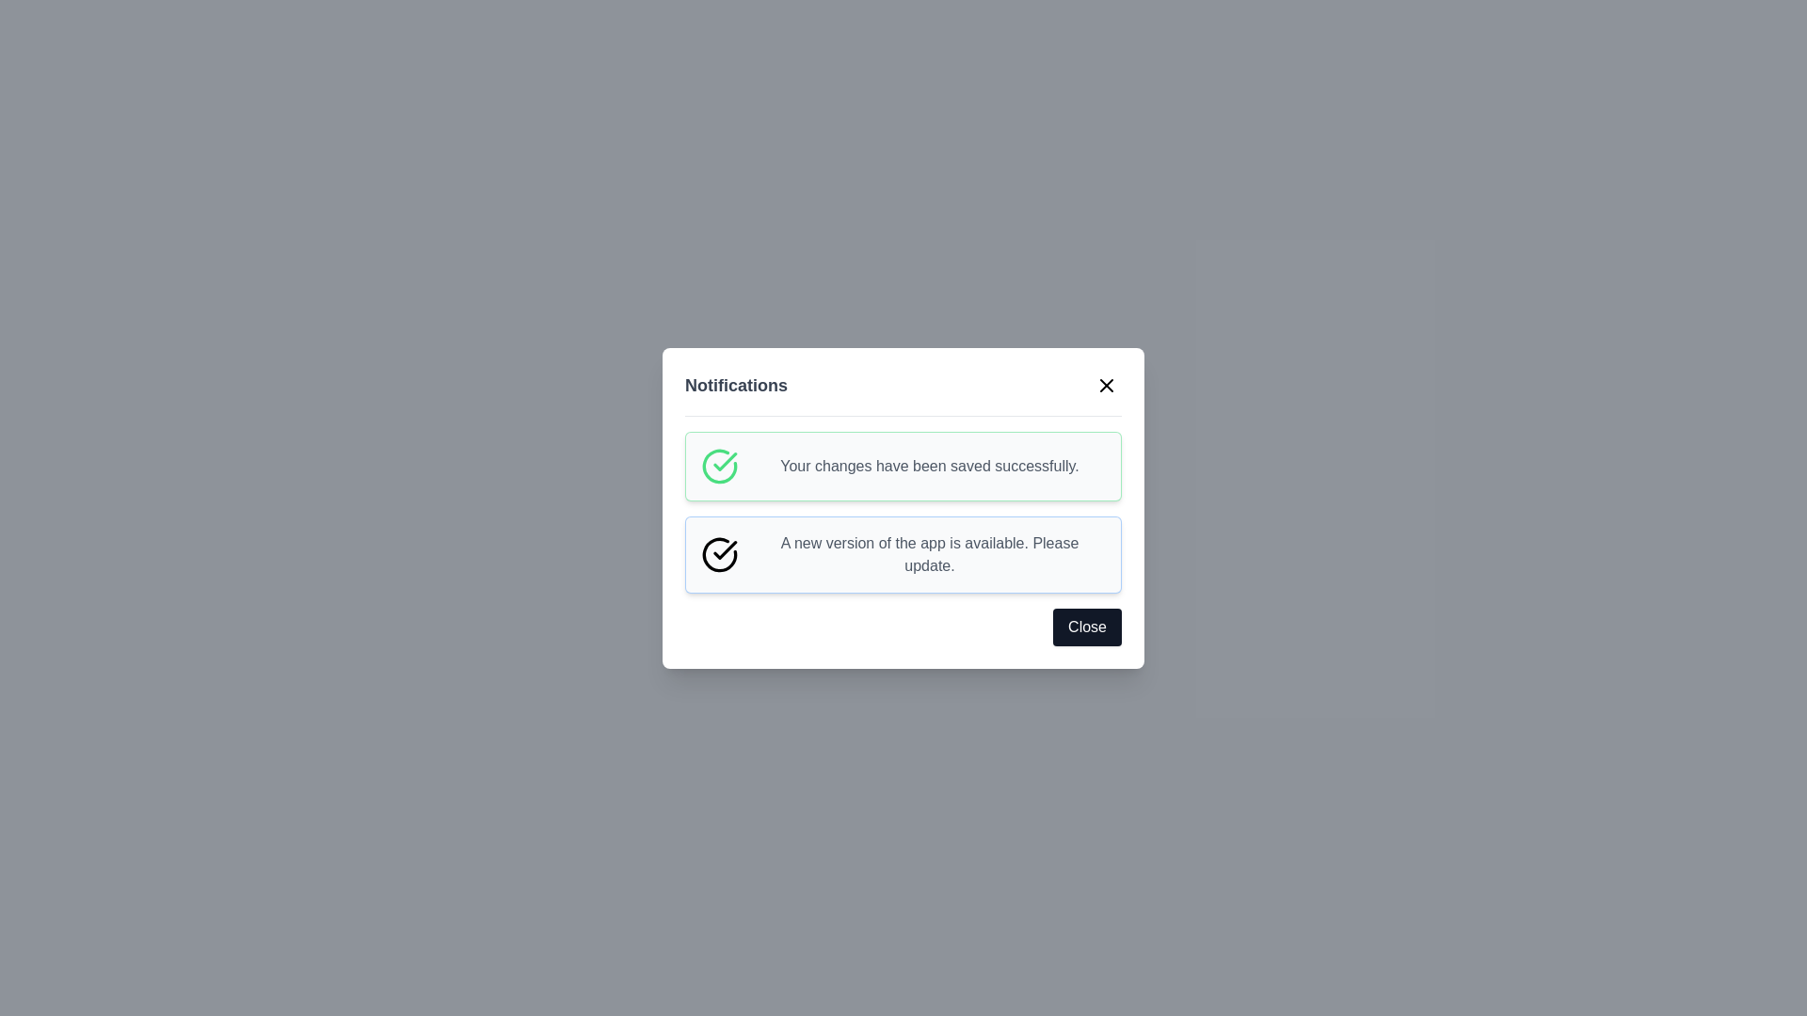 The image size is (1807, 1016). I want to click on the text notification element displaying 'A new version of the app is available. Please update.' in a gray sans-serif font, which is part of a notification card and is positioned above the 'Close' button, so click(930, 553).